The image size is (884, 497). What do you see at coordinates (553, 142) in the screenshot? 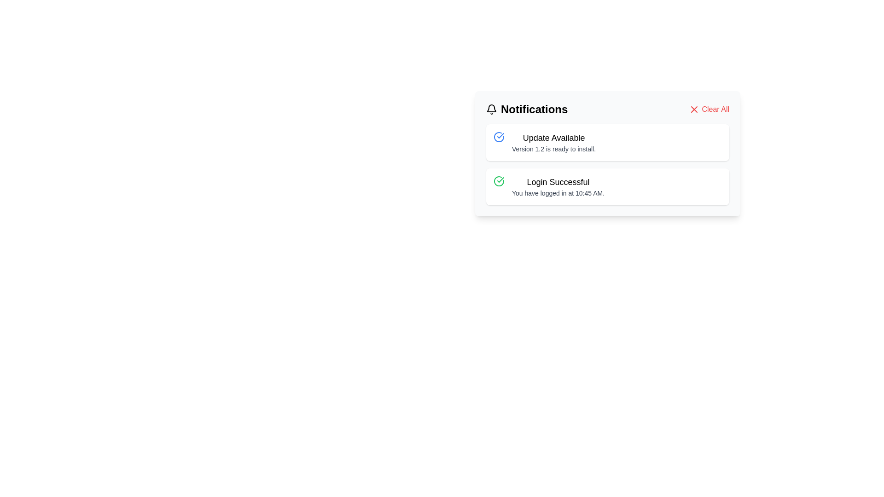
I see `notification card displaying 'Update Available' and 'Version 1.2 is ready to install.' positioned in the notifications panel` at bounding box center [553, 142].